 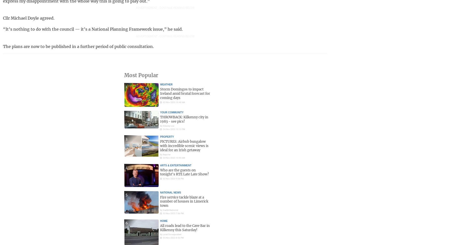 I want to click on 'Property', so click(x=167, y=136).